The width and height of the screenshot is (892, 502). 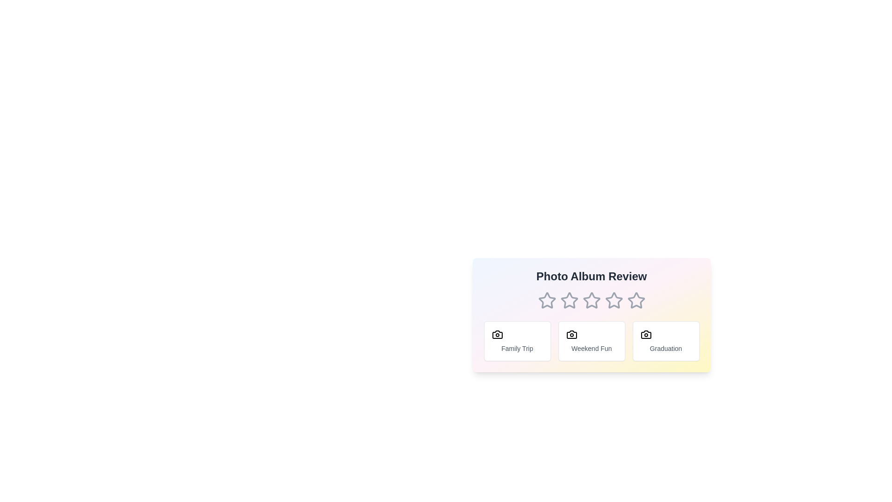 I want to click on the 2 star to set the rating, so click(x=569, y=301).